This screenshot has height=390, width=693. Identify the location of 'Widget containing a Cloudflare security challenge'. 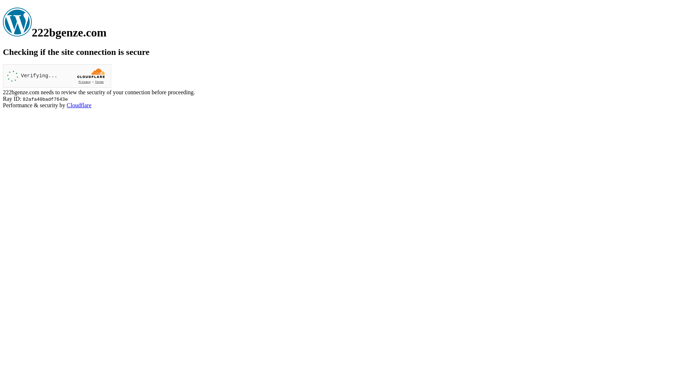
(57, 76).